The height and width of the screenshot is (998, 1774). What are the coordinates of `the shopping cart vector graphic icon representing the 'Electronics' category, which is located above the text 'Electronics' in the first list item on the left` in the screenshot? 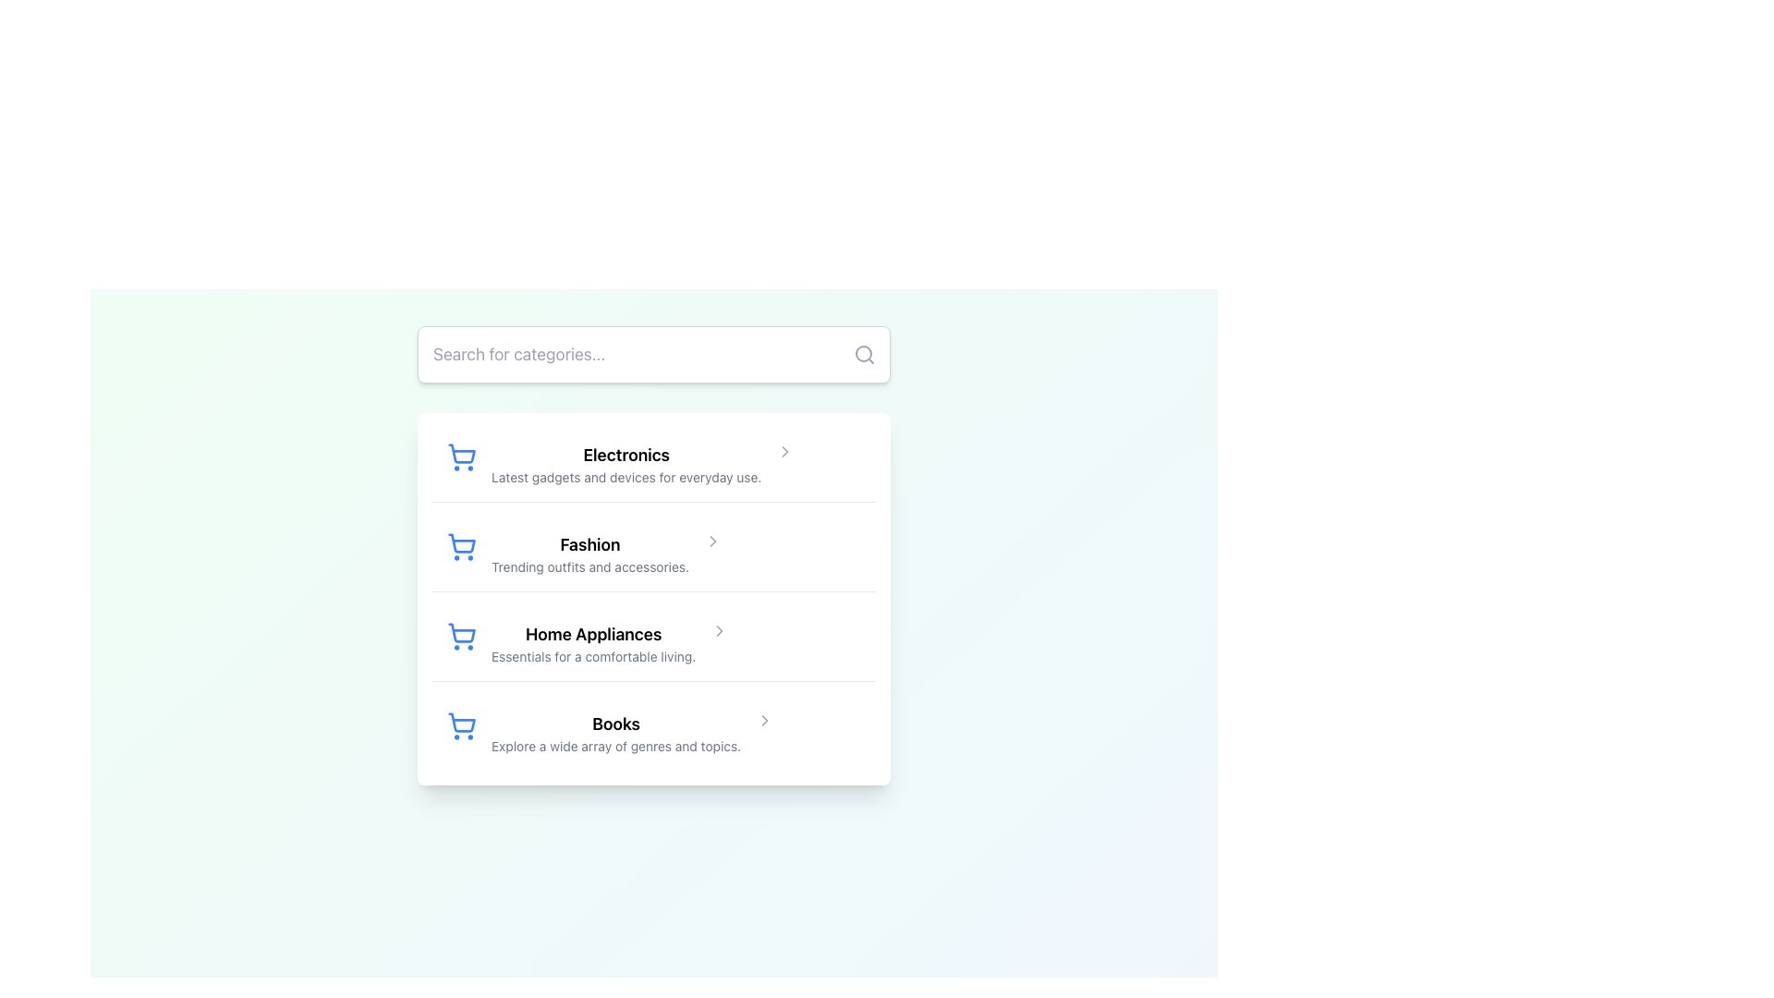 It's located at (462, 454).